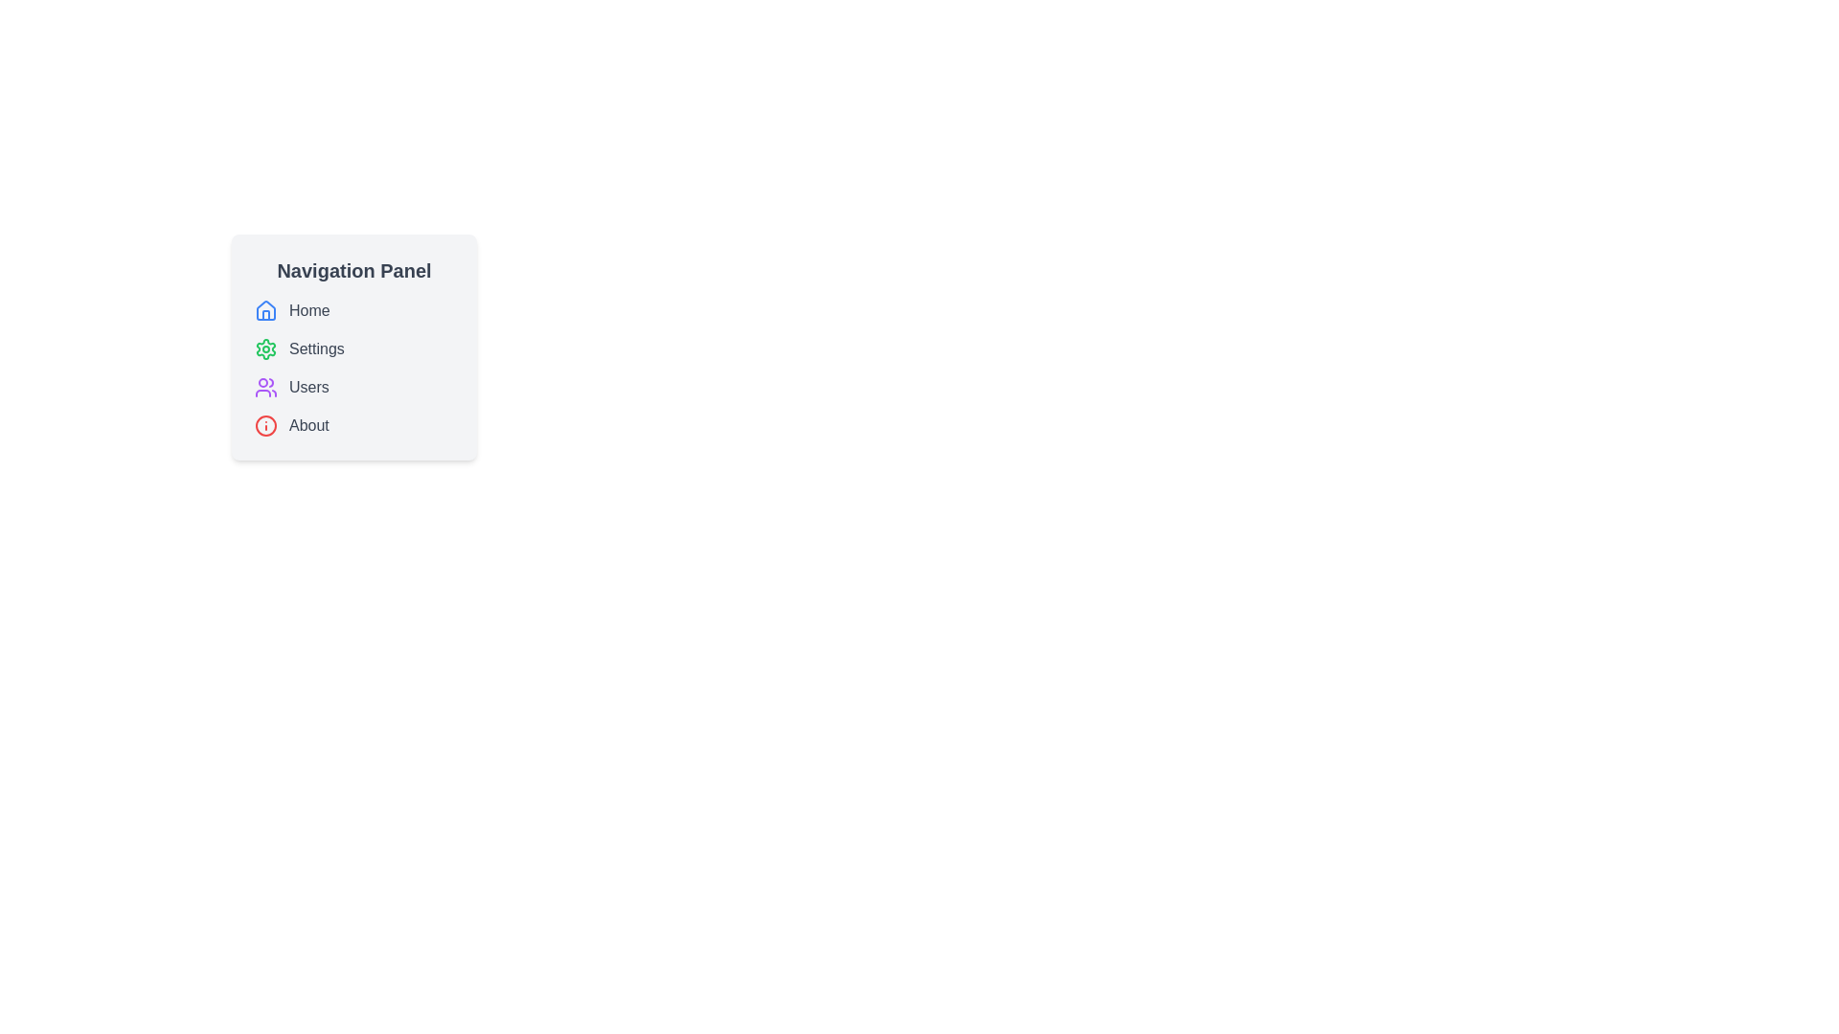  What do you see at coordinates (265, 309) in the screenshot?
I see `the blue house icon located in the navigation panel to the left of the 'Home' text` at bounding box center [265, 309].